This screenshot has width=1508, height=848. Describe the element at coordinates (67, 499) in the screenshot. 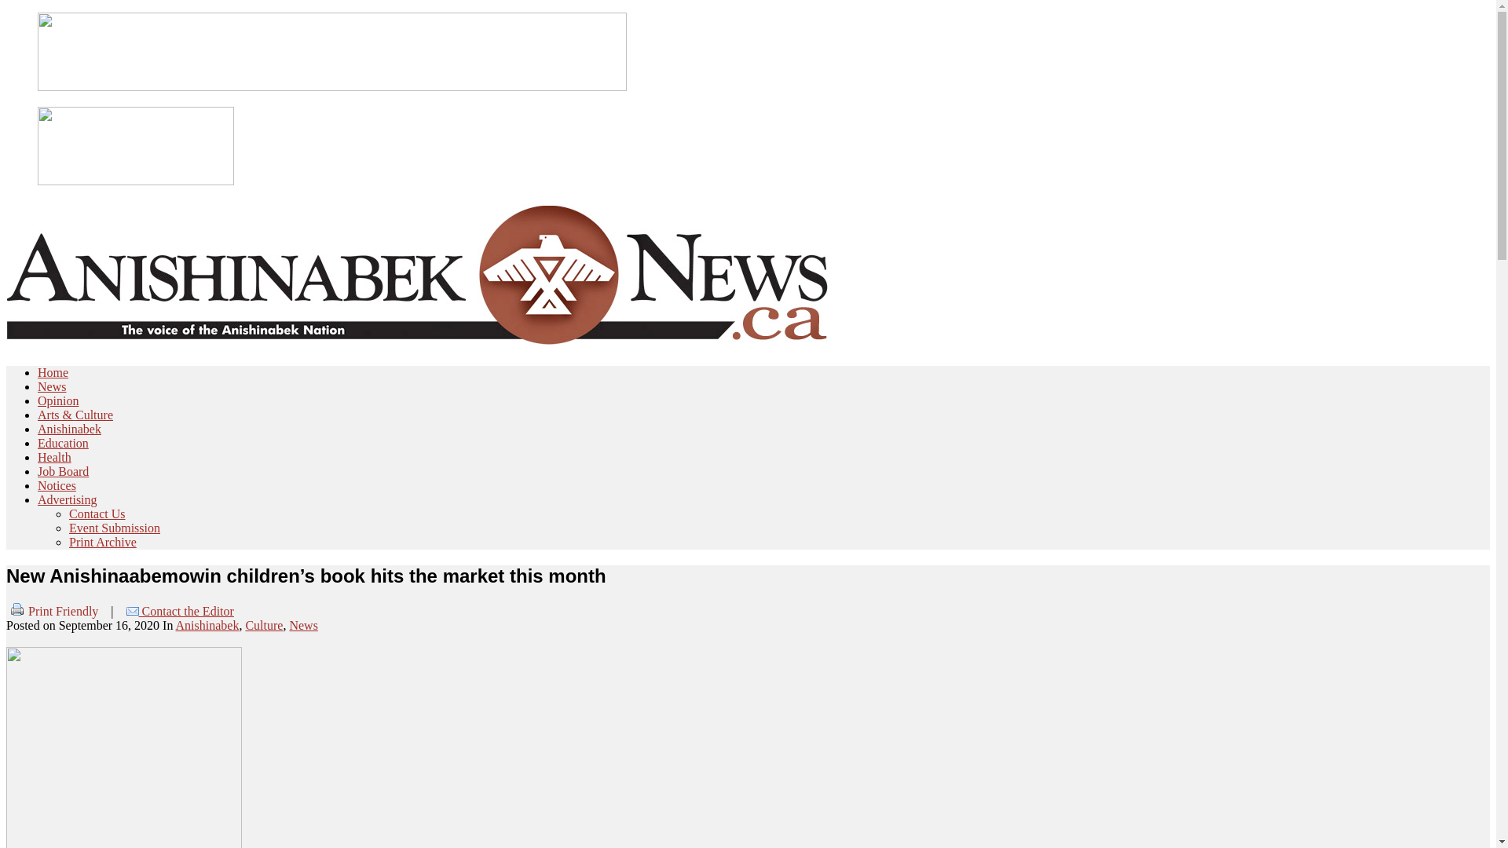

I see `'Advertising'` at that location.